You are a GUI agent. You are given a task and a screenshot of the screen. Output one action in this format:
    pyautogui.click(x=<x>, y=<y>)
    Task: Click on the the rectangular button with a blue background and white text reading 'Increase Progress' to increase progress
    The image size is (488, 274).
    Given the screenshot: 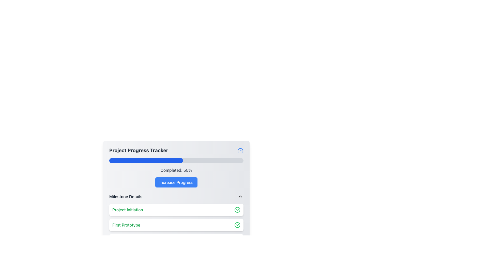 What is the action you would take?
    pyautogui.click(x=176, y=182)
    